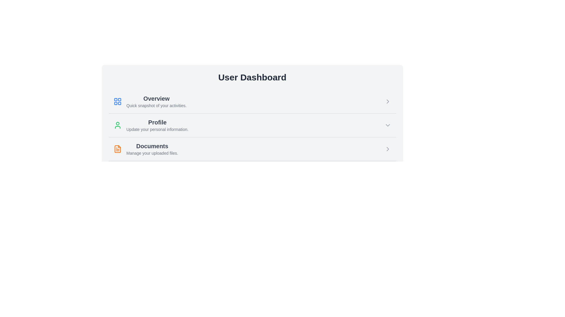 The image size is (565, 317). What do you see at coordinates (150, 101) in the screenshot?
I see `the 'Overview' navigation option` at bounding box center [150, 101].